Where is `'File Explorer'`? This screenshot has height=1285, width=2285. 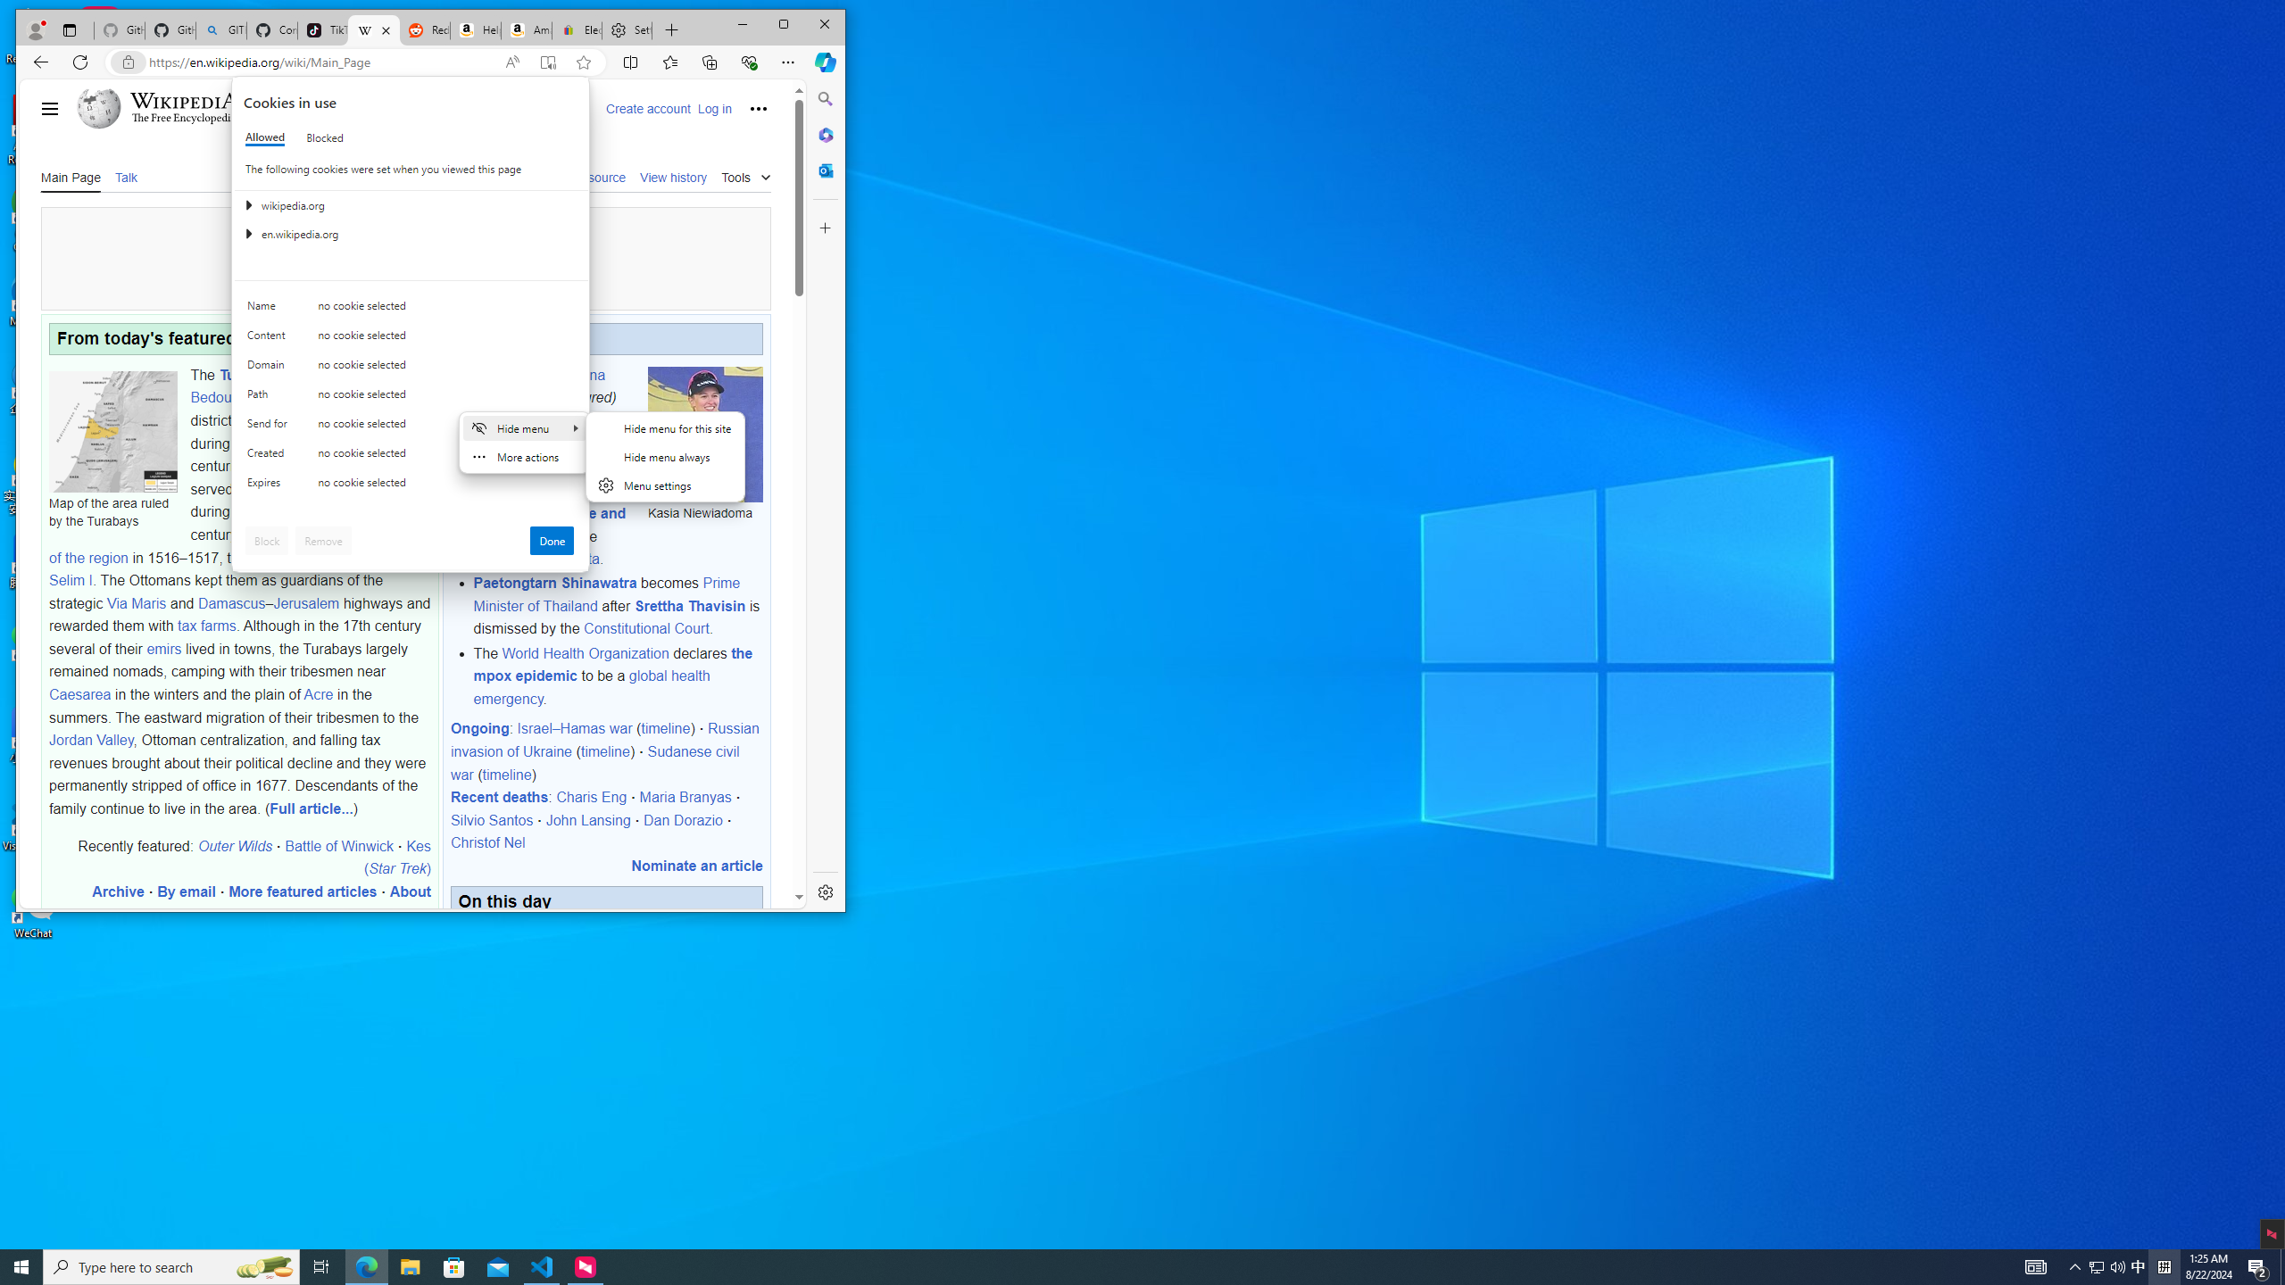 'File Explorer' is located at coordinates (409, 1265).